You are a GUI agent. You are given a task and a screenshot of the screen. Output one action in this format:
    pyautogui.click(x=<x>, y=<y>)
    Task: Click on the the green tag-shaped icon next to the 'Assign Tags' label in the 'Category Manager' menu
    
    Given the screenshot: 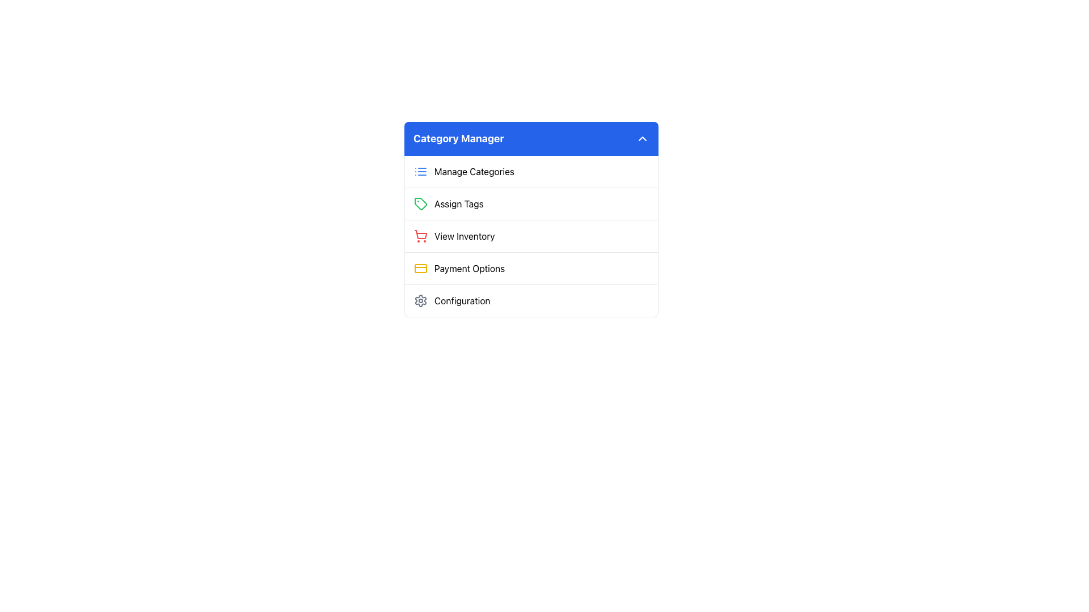 What is the action you would take?
    pyautogui.click(x=420, y=203)
    